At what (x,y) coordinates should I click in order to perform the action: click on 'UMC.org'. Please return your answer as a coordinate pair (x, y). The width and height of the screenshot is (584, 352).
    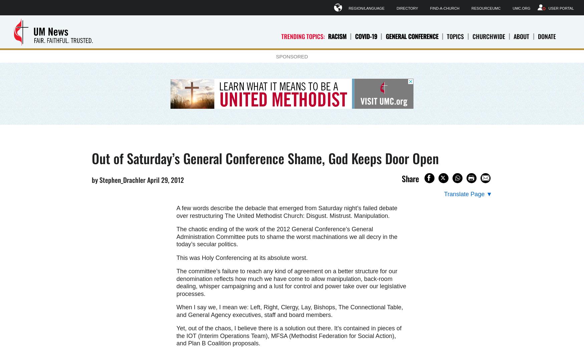
    Looking at the image, I should click on (521, 8).